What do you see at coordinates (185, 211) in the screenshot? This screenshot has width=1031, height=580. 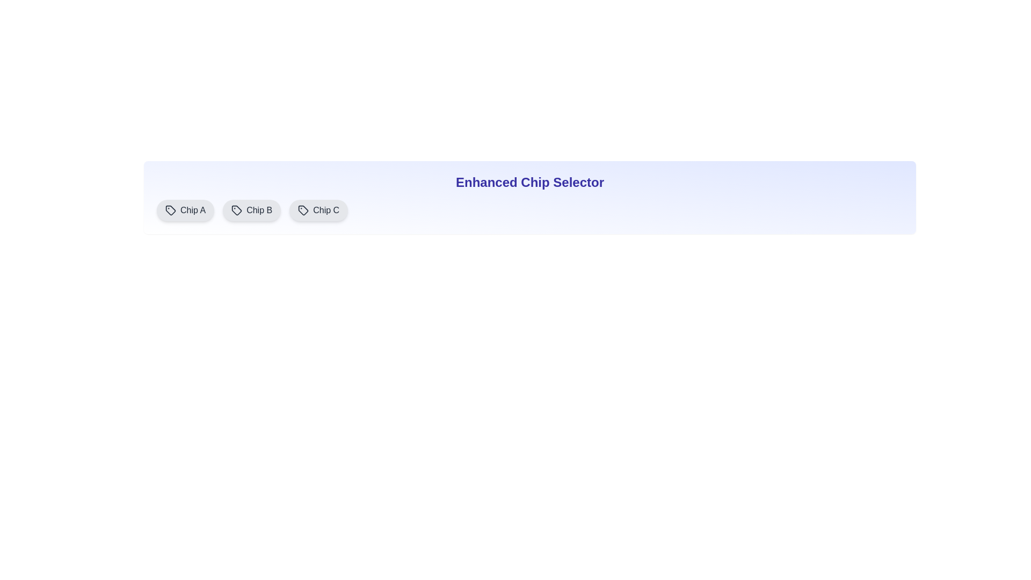 I see `the chip labeled Chip A to display its description` at bounding box center [185, 211].